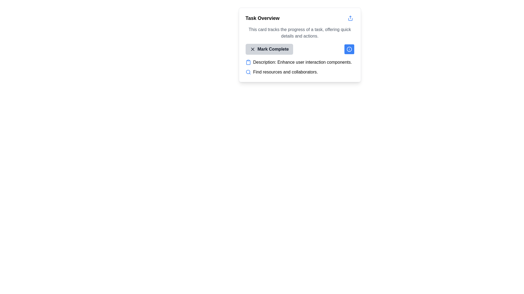 This screenshot has height=294, width=524. What do you see at coordinates (349, 49) in the screenshot?
I see `the circular Information button with a blue background and a white information icon located in the top-right corner of the 'Task Overview' panel` at bounding box center [349, 49].